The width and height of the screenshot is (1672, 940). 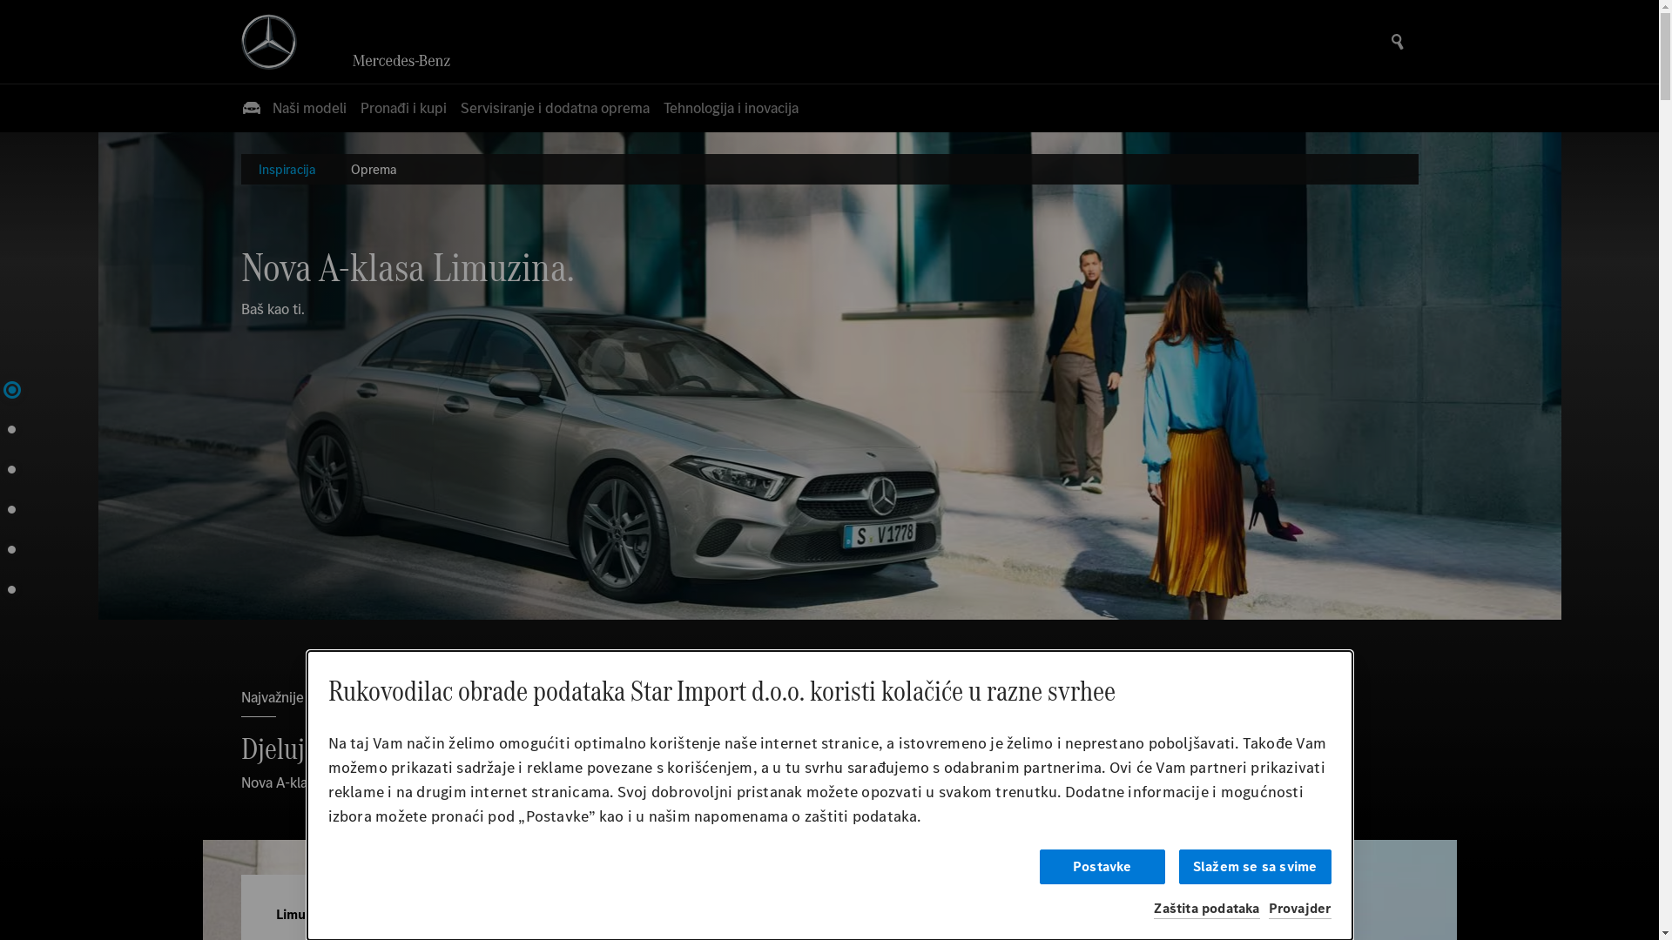 What do you see at coordinates (266, 40) in the screenshot?
I see `'Mercedes Benz Logo'` at bounding box center [266, 40].